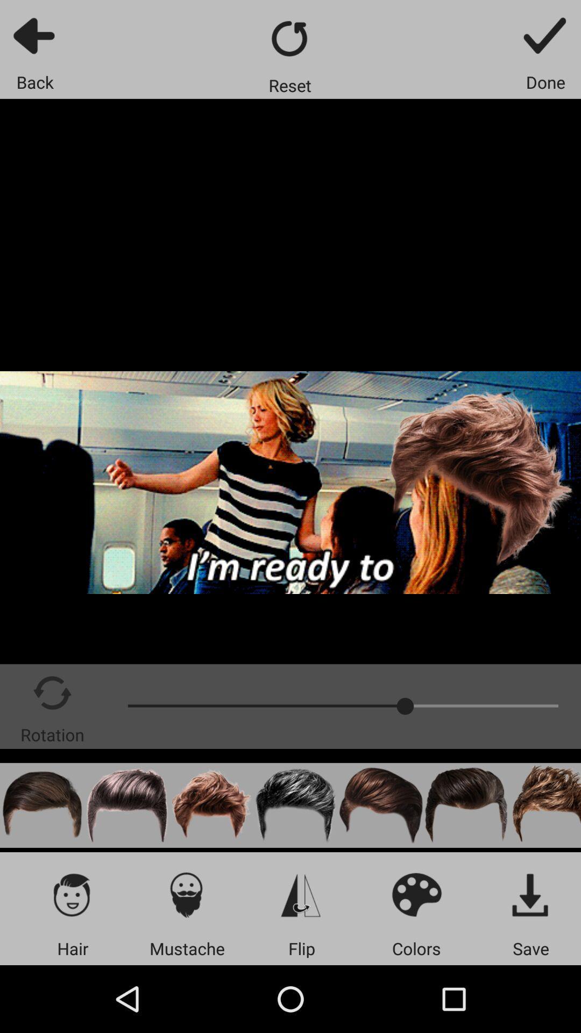  Describe the element at coordinates (545, 35) in the screenshot. I see `the icon above the done item` at that location.